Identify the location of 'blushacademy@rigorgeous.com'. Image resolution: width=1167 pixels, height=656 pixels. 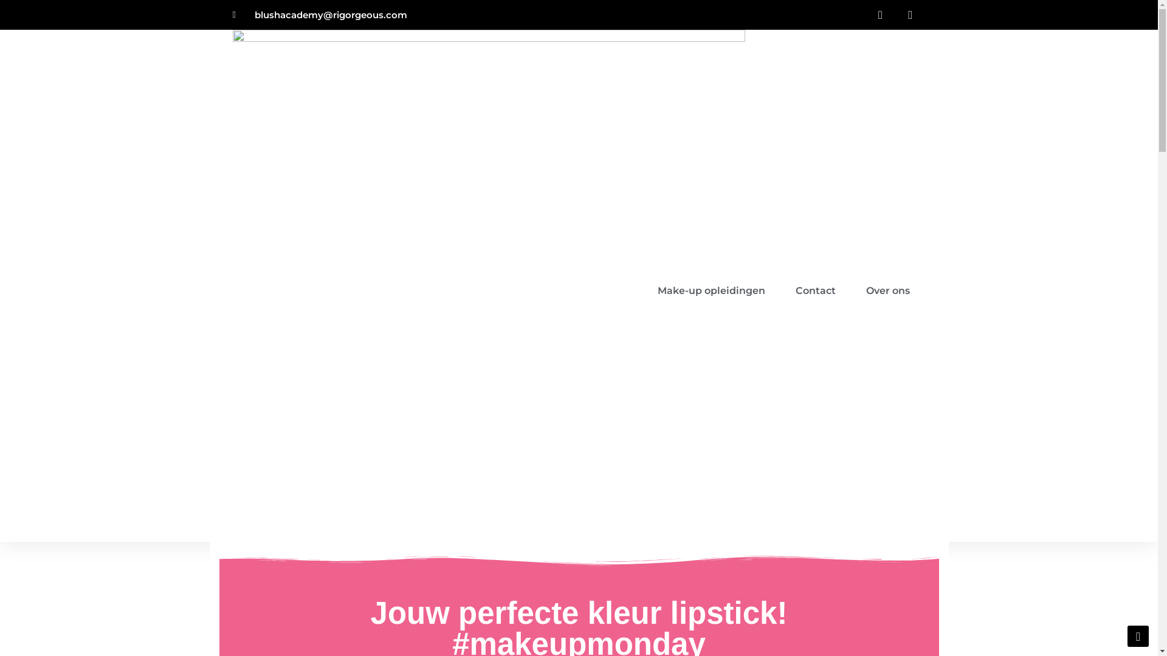
(320, 15).